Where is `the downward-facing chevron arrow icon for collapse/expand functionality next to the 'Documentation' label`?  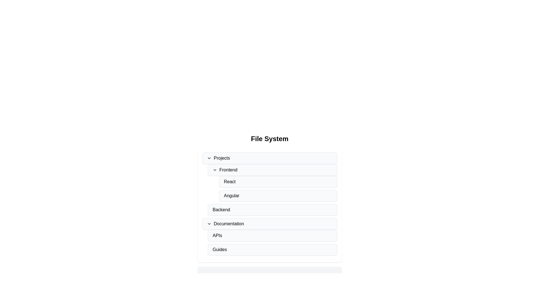 the downward-facing chevron arrow icon for collapse/expand functionality next to the 'Documentation' label is located at coordinates (209, 224).